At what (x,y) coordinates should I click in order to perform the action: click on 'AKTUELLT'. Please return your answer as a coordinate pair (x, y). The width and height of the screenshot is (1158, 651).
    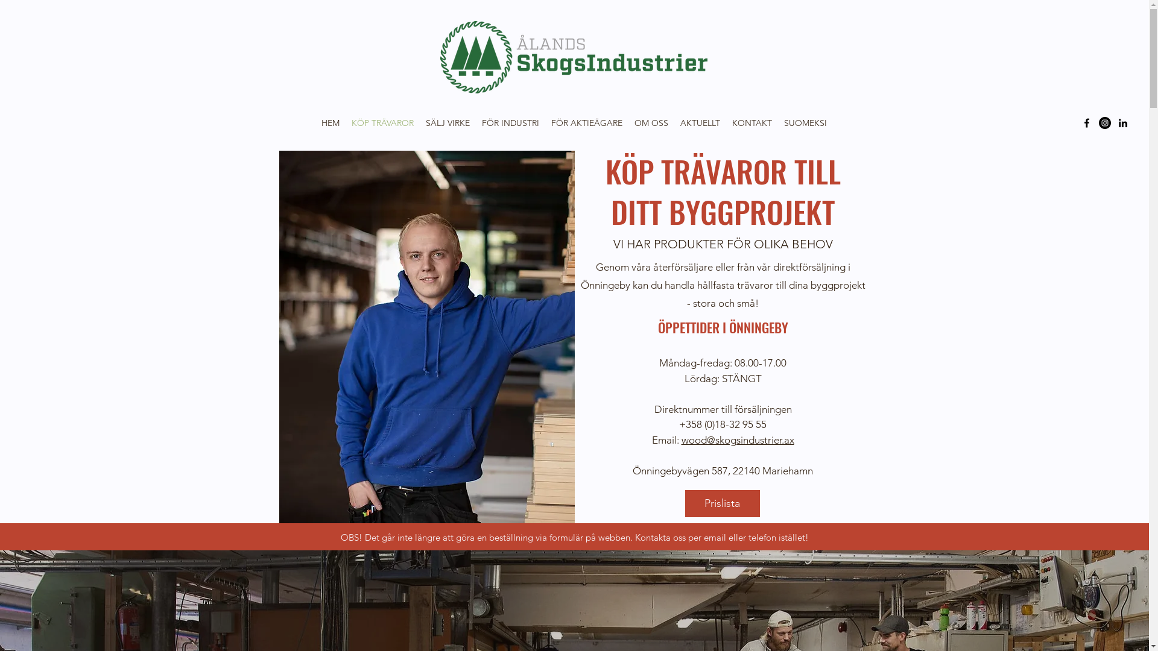
    Looking at the image, I should click on (700, 123).